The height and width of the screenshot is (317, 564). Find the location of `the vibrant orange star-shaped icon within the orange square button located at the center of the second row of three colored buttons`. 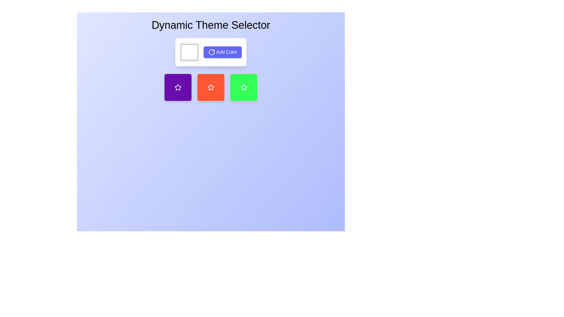

the vibrant orange star-shaped icon within the orange square button located at the center of the second row of three colored buttons is located at coordinates (211, 87).